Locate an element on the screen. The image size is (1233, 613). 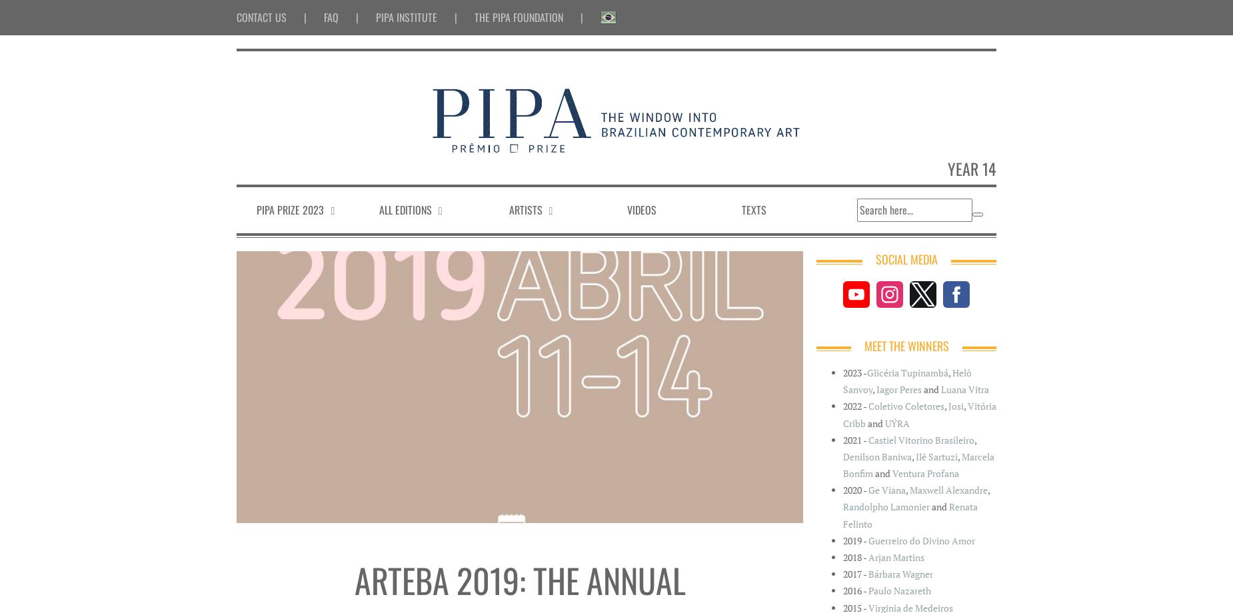
'Coletivo Coletores' is located at coordinates (905, 405).